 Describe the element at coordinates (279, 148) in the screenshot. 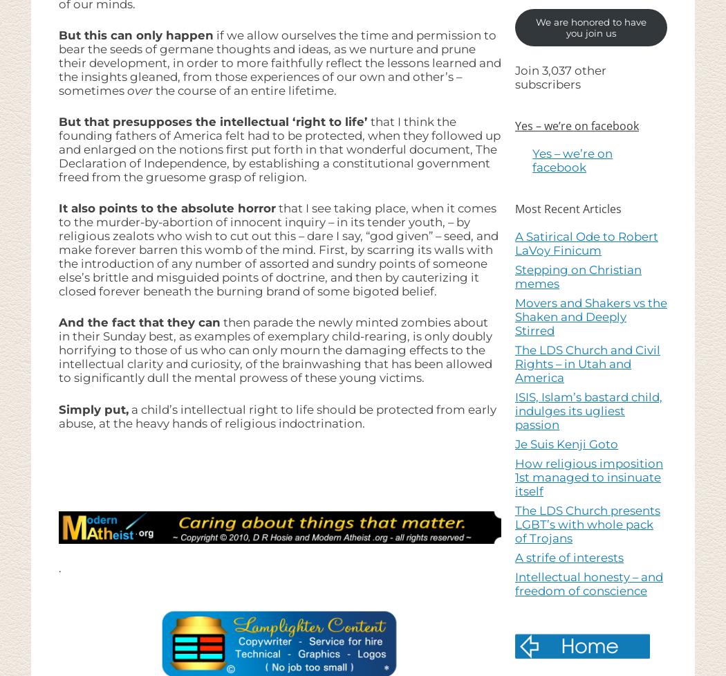

I see `'that I think the founding fathers of America felt had to be protected, when they followed up and enlarged on the notions first put forth in that wonderful document, The Declaration of Independence, by establishing a constitutional government freed from the gruesome grasp of religion.'` at that location.